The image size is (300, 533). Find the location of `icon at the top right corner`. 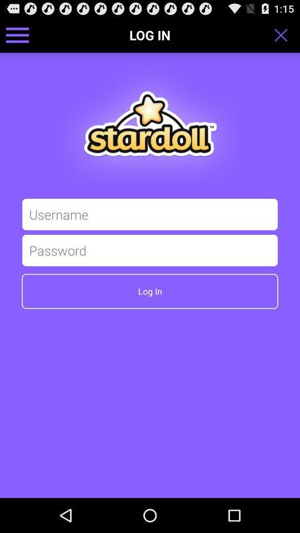

icon at the top right corner is located at coordinates (284, 34).